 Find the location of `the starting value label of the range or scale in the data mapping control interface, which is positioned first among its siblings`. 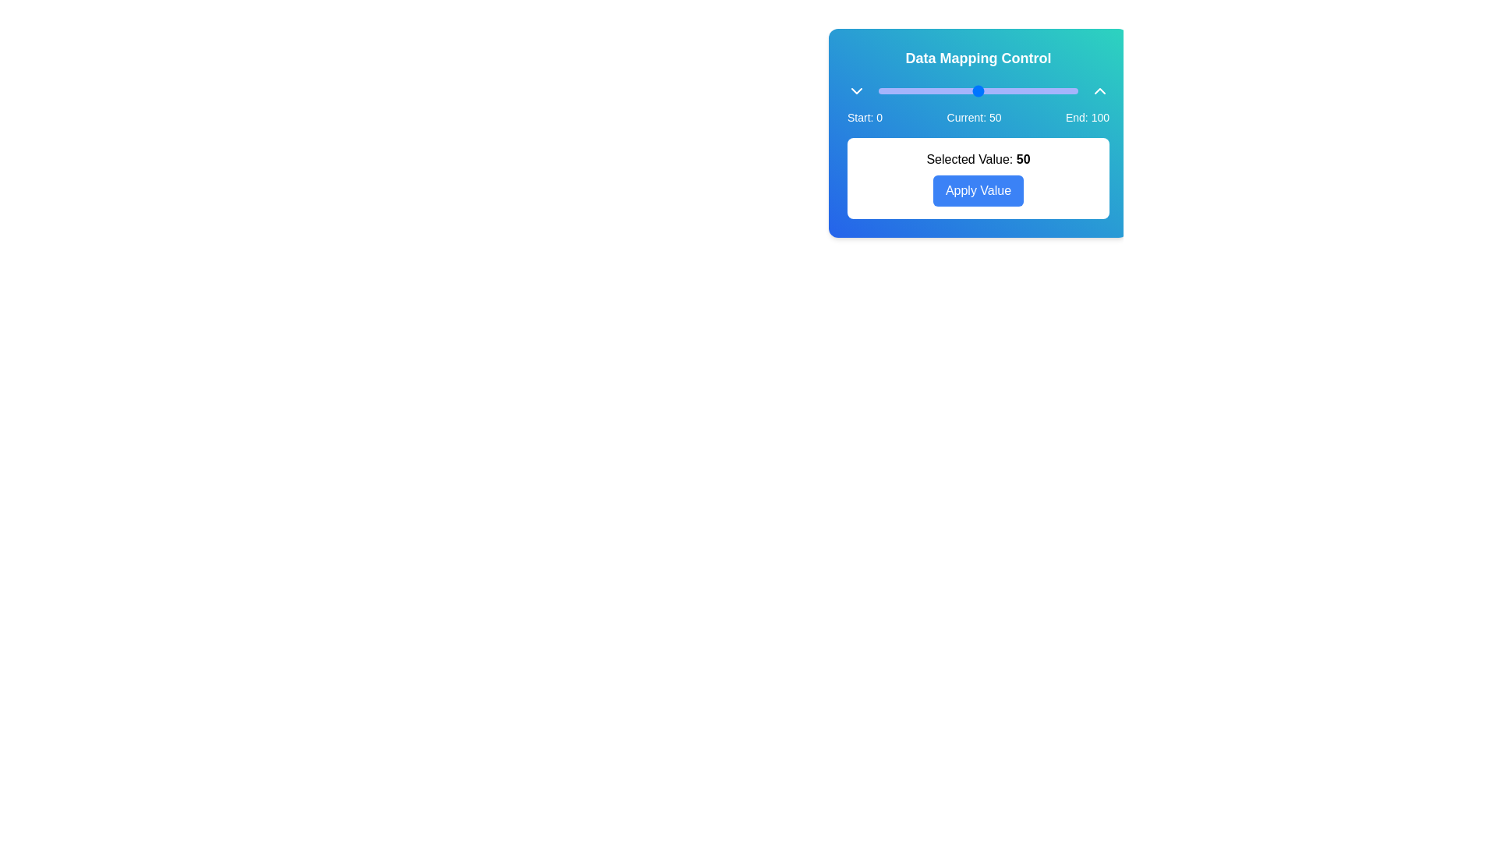

the starting value label of the range or scale in the data mapping control interface, which is positioned first among its siblings is located at coordinates (864, 116).